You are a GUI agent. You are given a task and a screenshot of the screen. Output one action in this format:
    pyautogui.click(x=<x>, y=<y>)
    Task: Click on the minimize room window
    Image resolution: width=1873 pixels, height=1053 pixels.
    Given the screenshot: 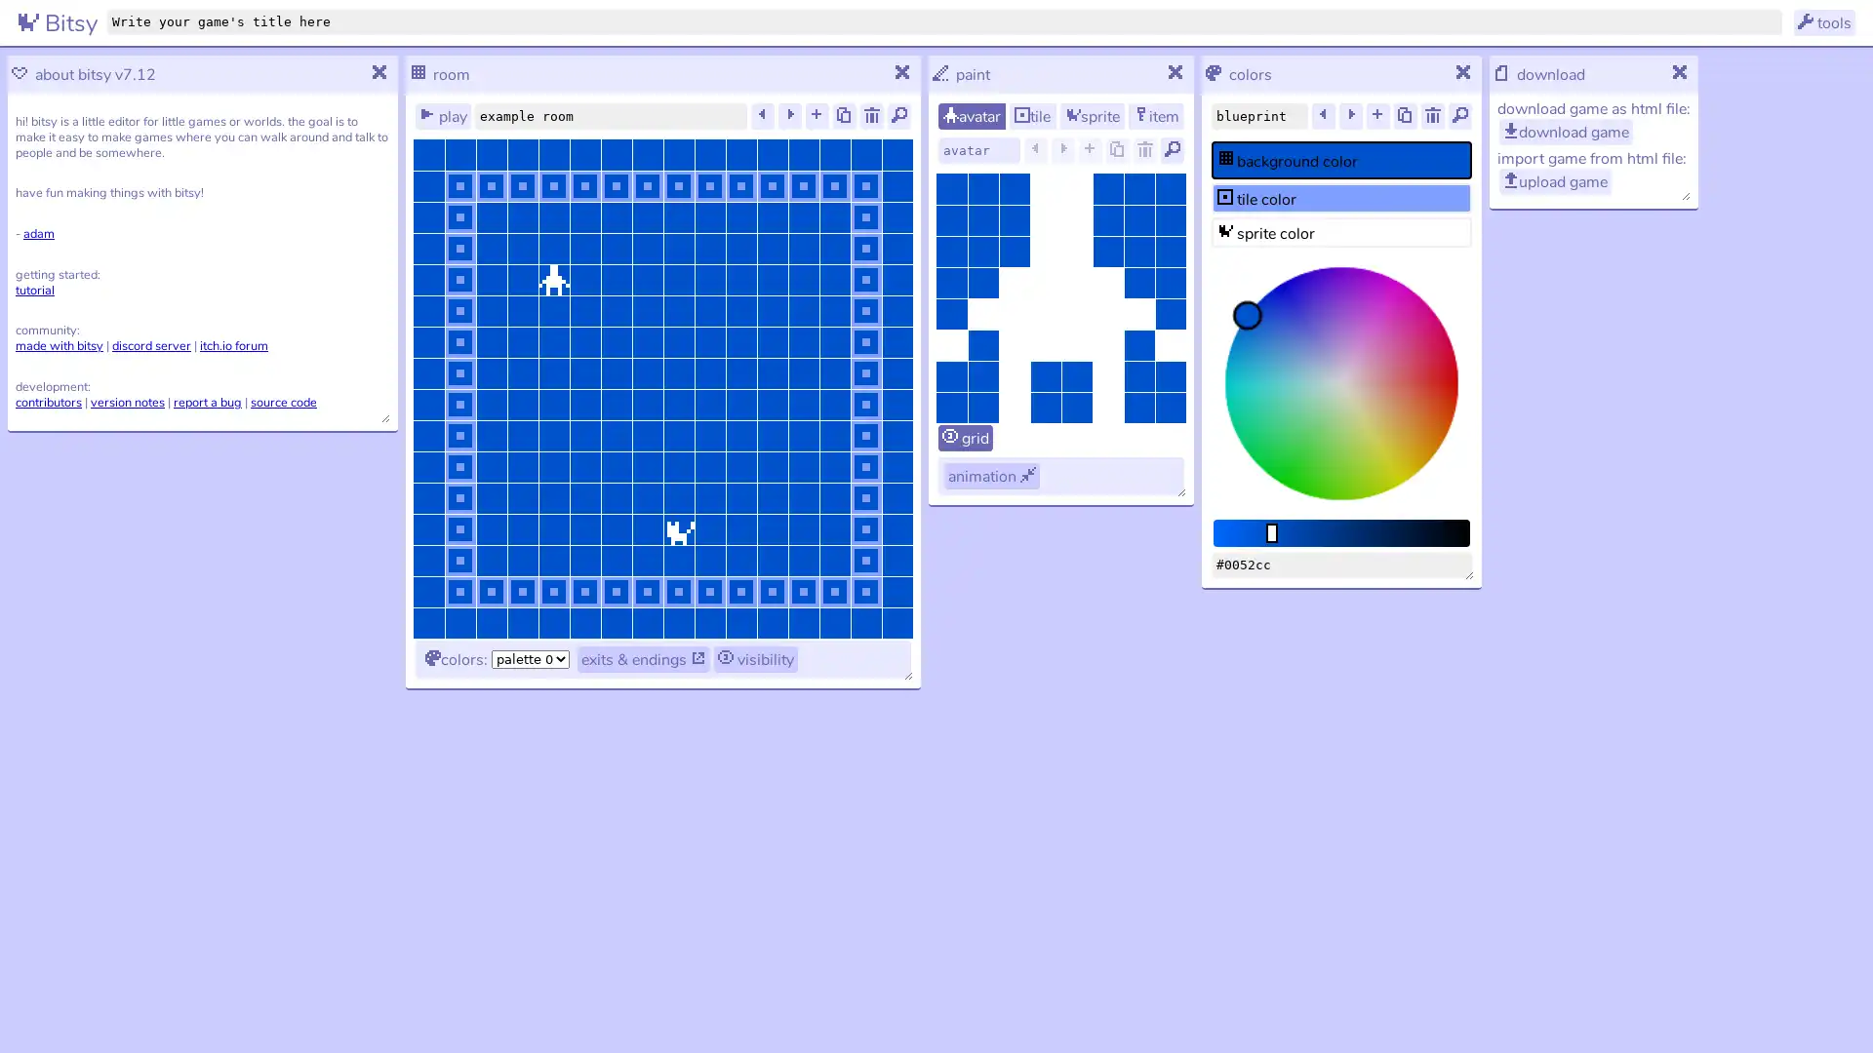 What is the action you would take?
    pyautogui.click(x=902, y=73)
    